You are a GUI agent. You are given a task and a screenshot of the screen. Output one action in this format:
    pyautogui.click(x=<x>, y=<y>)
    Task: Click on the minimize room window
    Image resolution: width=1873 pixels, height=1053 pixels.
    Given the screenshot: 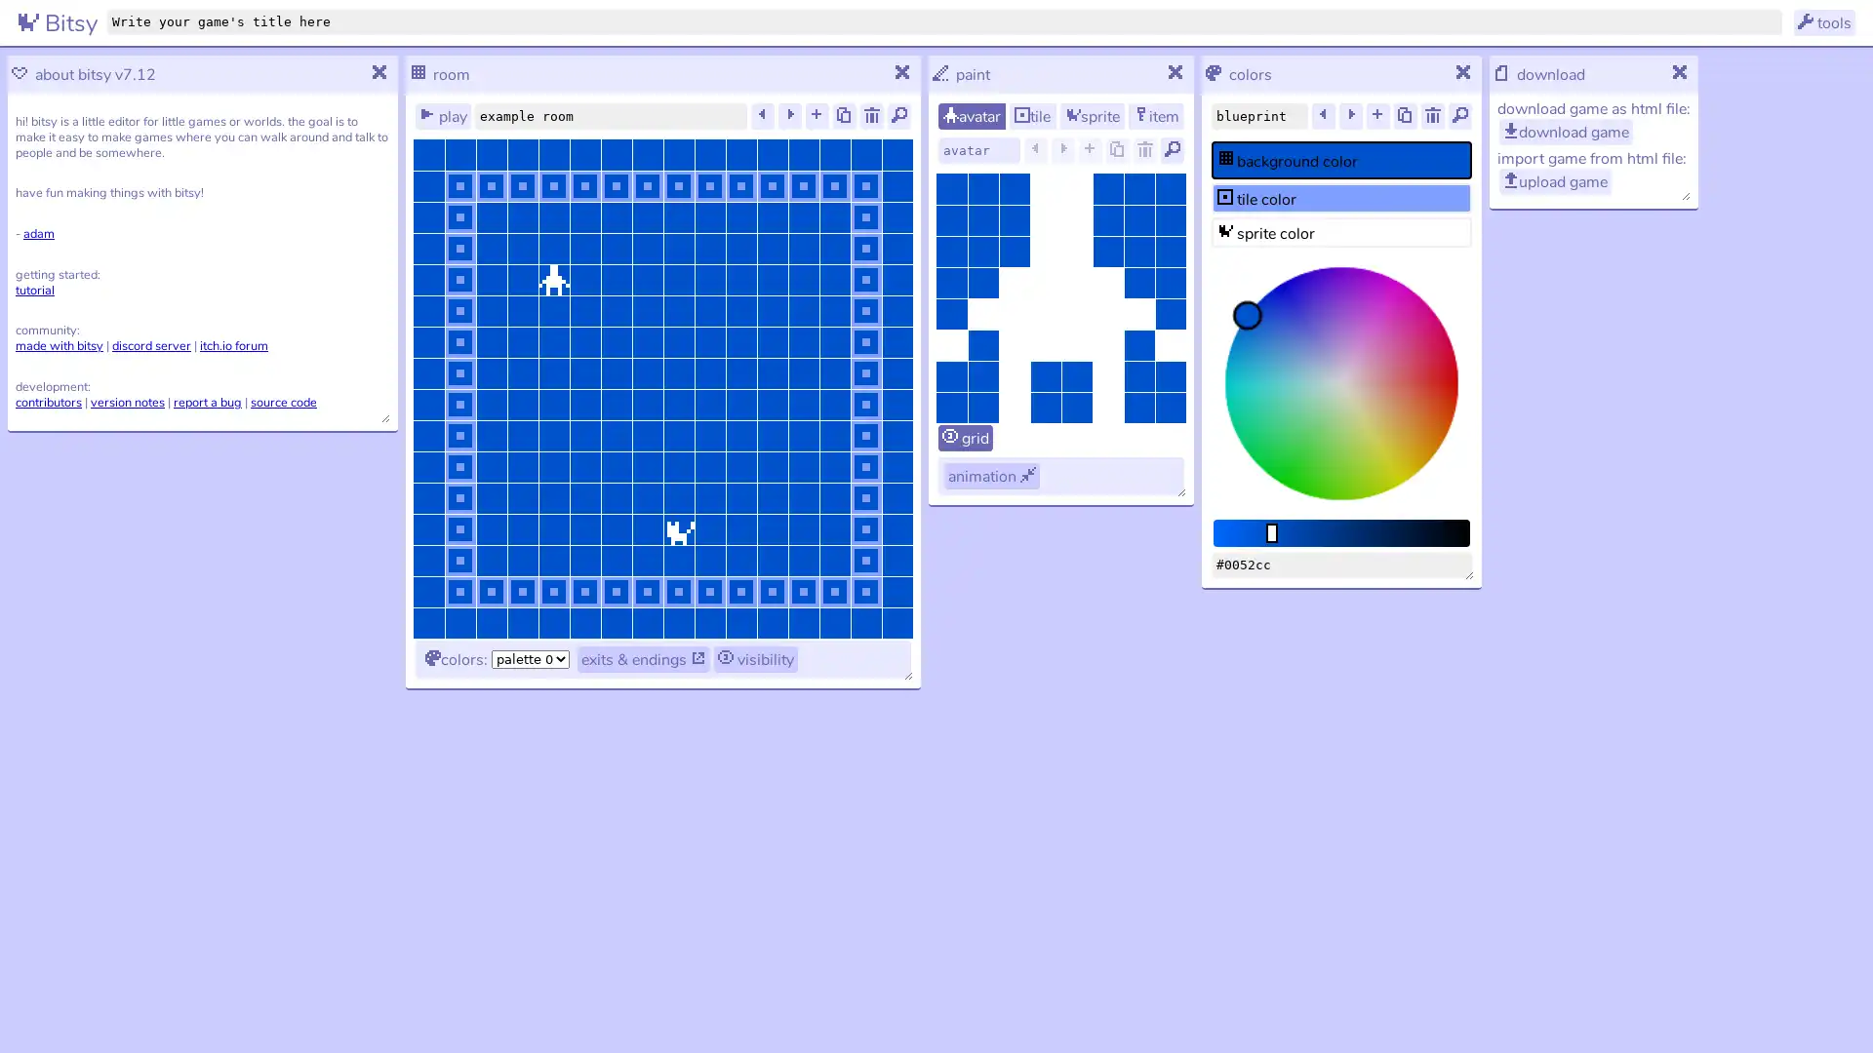 What is the action you would take?
    pyautogui.click(x=902, y=73)
    